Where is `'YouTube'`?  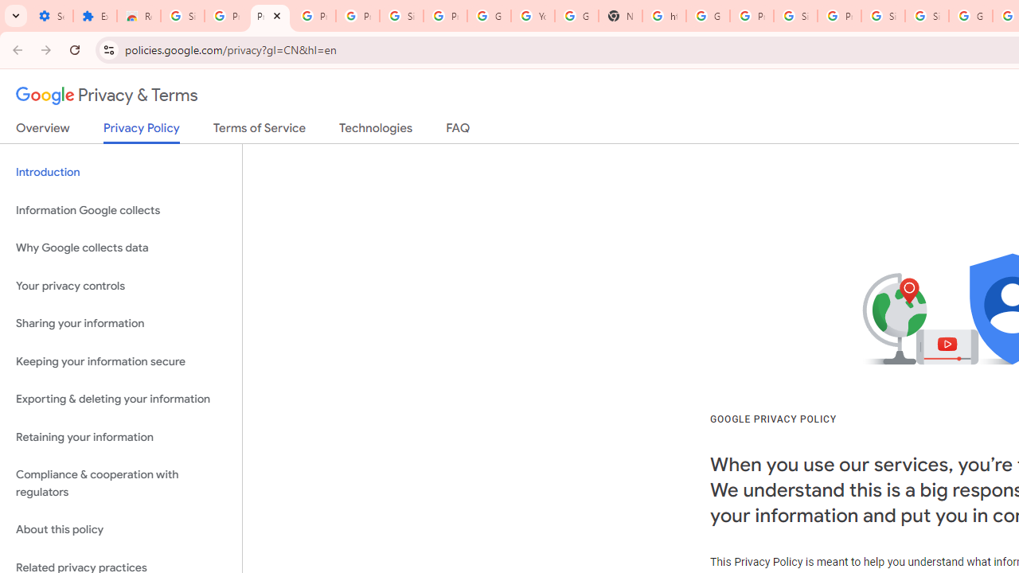
'YouTube' is located at coordinates (533, 16).